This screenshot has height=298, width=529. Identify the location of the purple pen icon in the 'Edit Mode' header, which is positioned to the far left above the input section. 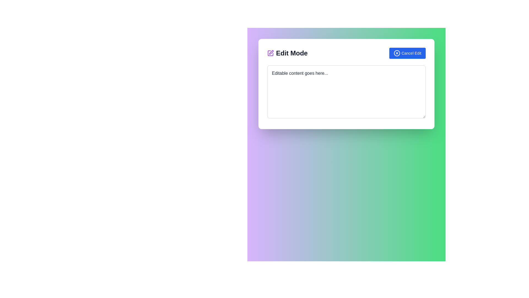
(271, 53).